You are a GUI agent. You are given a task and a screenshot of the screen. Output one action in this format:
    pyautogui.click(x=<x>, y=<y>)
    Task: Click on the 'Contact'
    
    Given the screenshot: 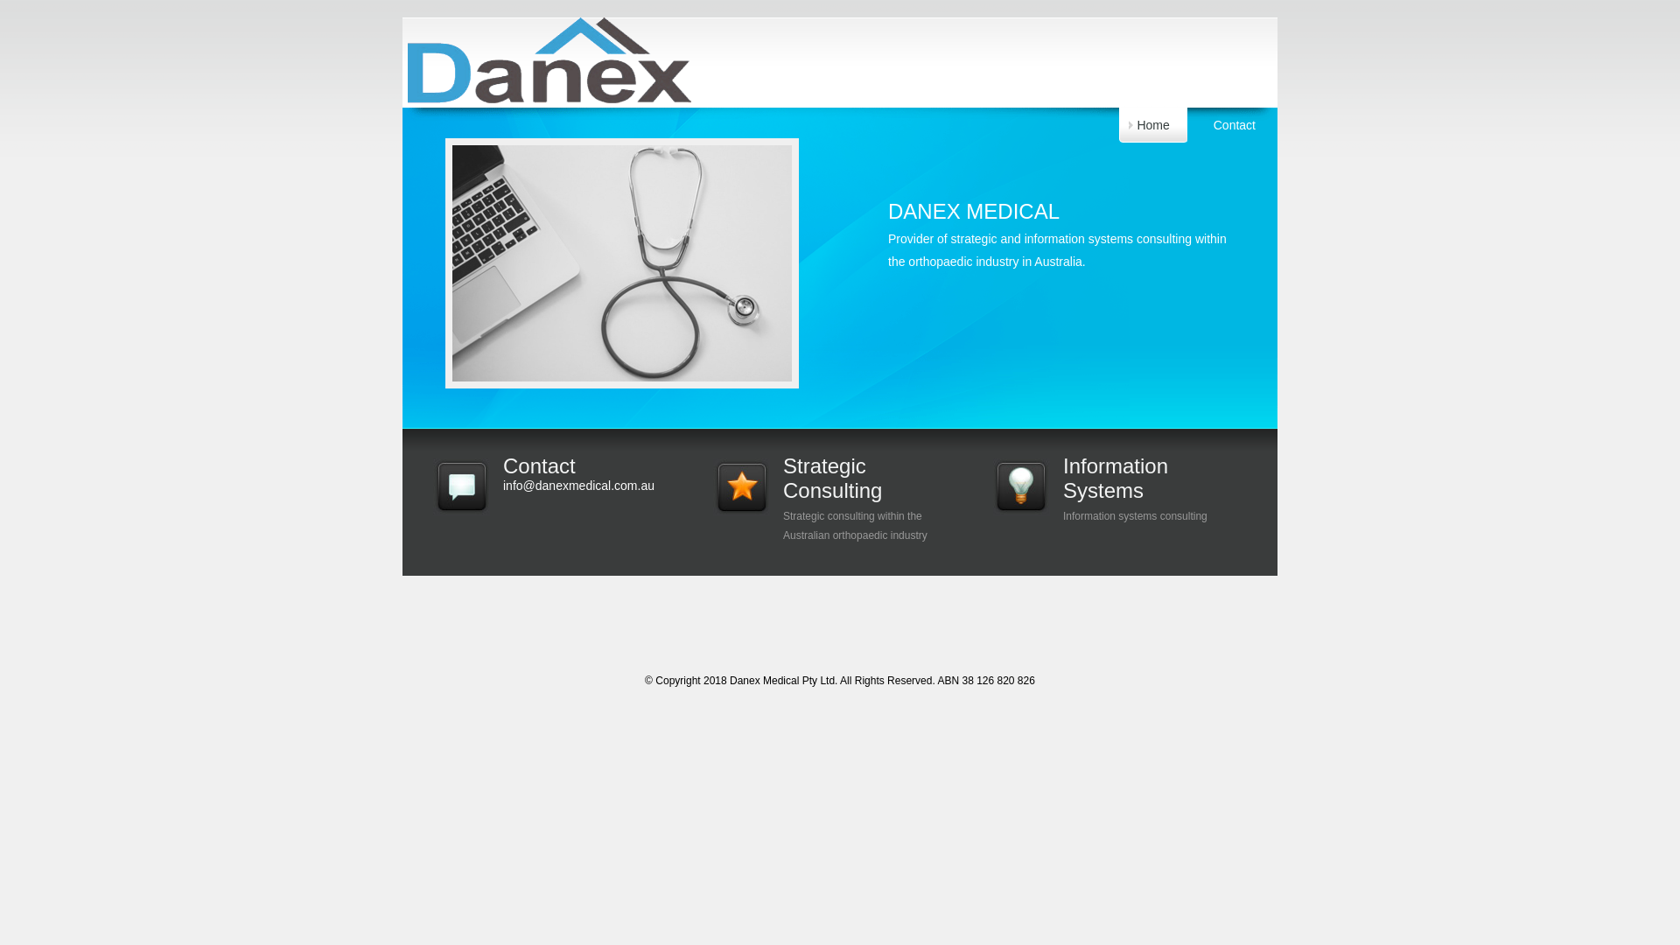 What is the action you would take?
    pyautogui.click(x=1234, y=123)
    